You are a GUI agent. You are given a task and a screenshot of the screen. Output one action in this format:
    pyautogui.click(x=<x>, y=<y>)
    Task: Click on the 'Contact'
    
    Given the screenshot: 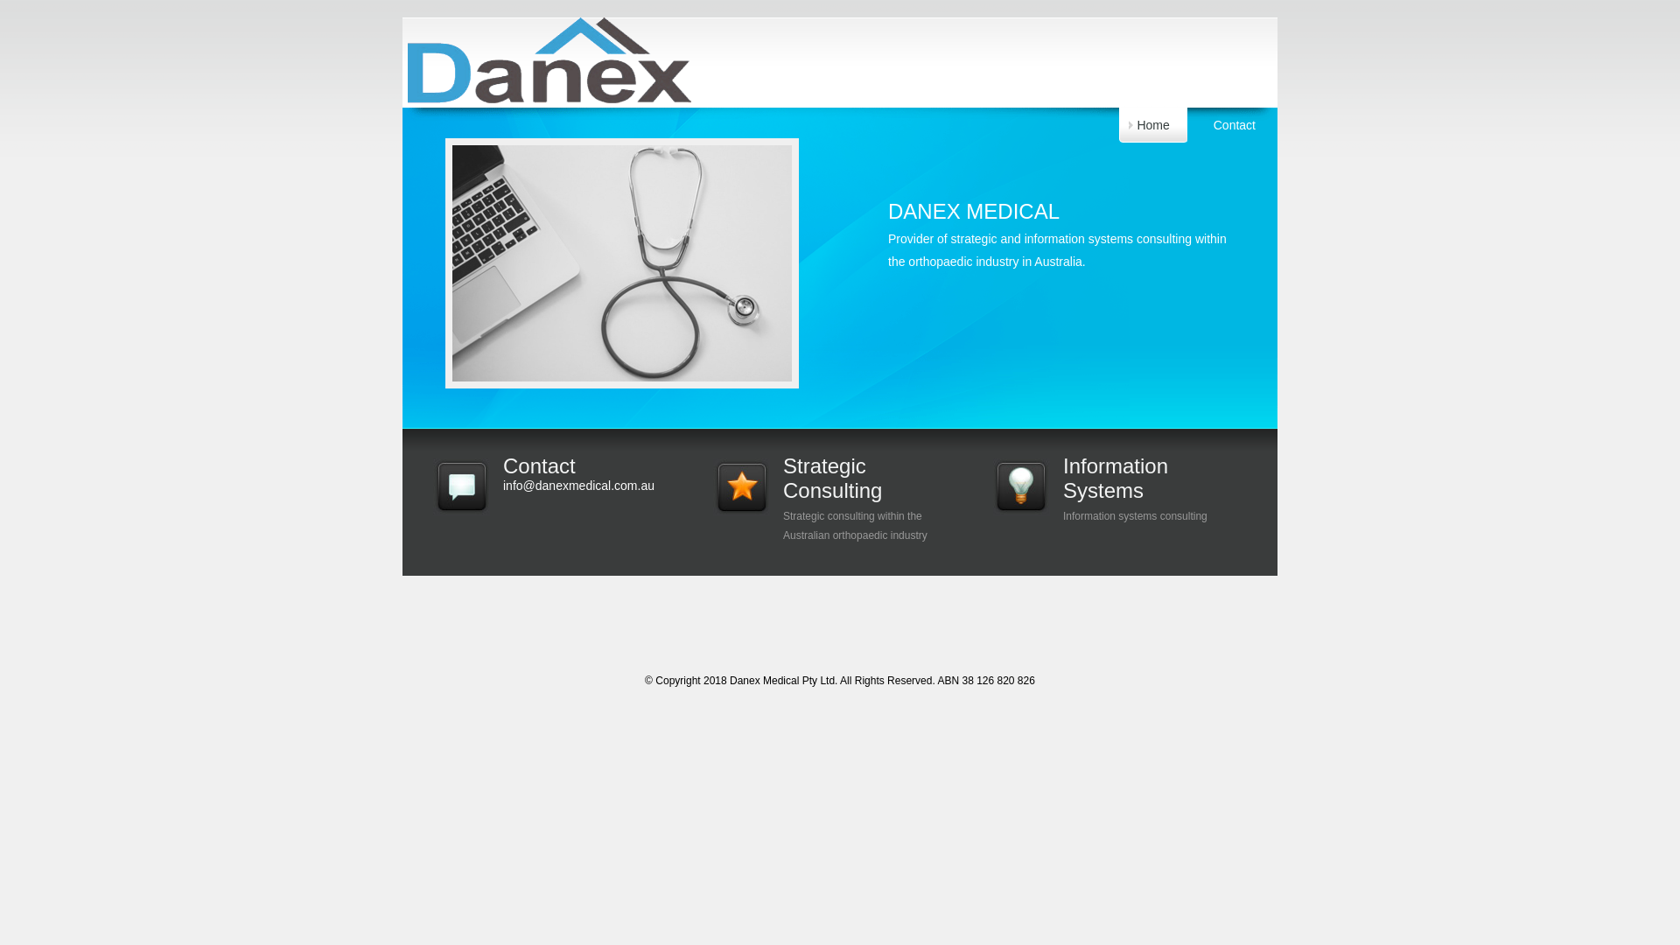 What is the action you would take?
    pyautogui.click(x=1234, y=123)
    